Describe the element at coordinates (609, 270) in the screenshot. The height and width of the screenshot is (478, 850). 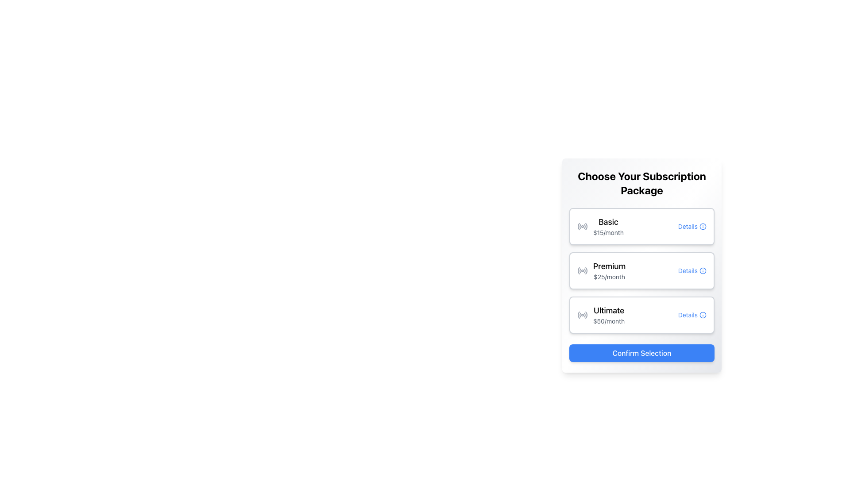
I see `the text content displaying the 'Premium' subscription plan and its cost ('$25/month')` at that location.